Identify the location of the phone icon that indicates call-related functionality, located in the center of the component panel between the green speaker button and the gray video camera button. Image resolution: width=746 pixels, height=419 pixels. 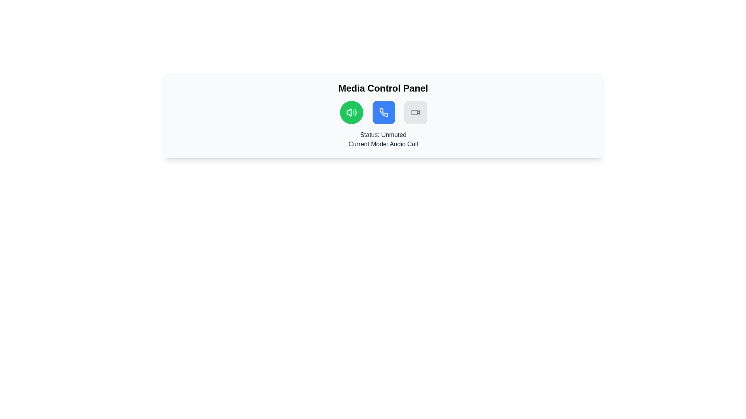
(383, 112).